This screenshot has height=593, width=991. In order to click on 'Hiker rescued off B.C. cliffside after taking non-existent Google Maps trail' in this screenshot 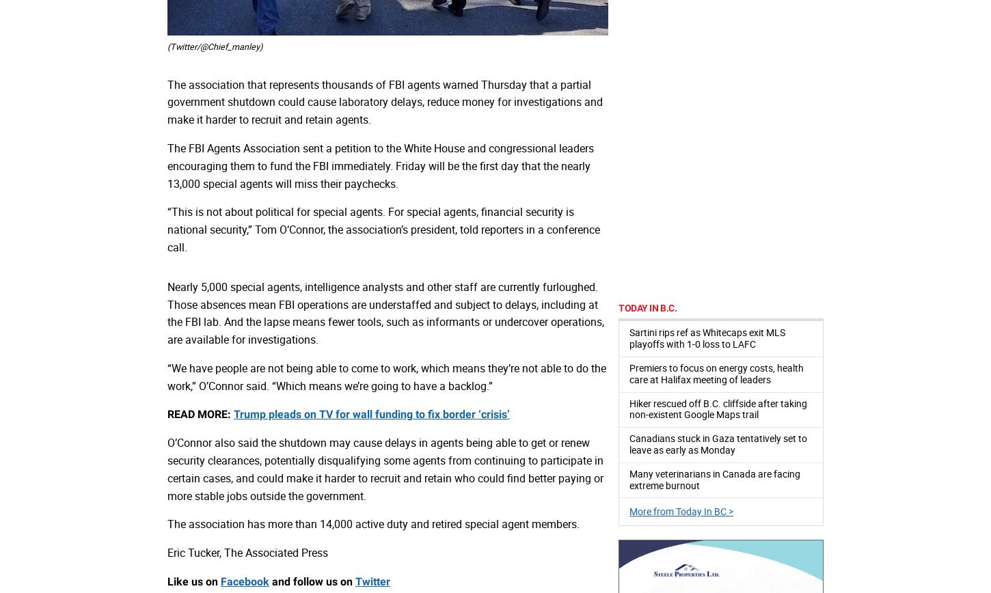, I will do `click(718, 408)`.